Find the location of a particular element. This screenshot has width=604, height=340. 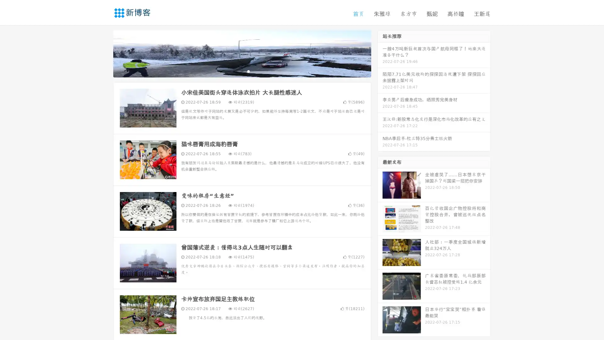

Previous slide is located at coordinates (104, 53).